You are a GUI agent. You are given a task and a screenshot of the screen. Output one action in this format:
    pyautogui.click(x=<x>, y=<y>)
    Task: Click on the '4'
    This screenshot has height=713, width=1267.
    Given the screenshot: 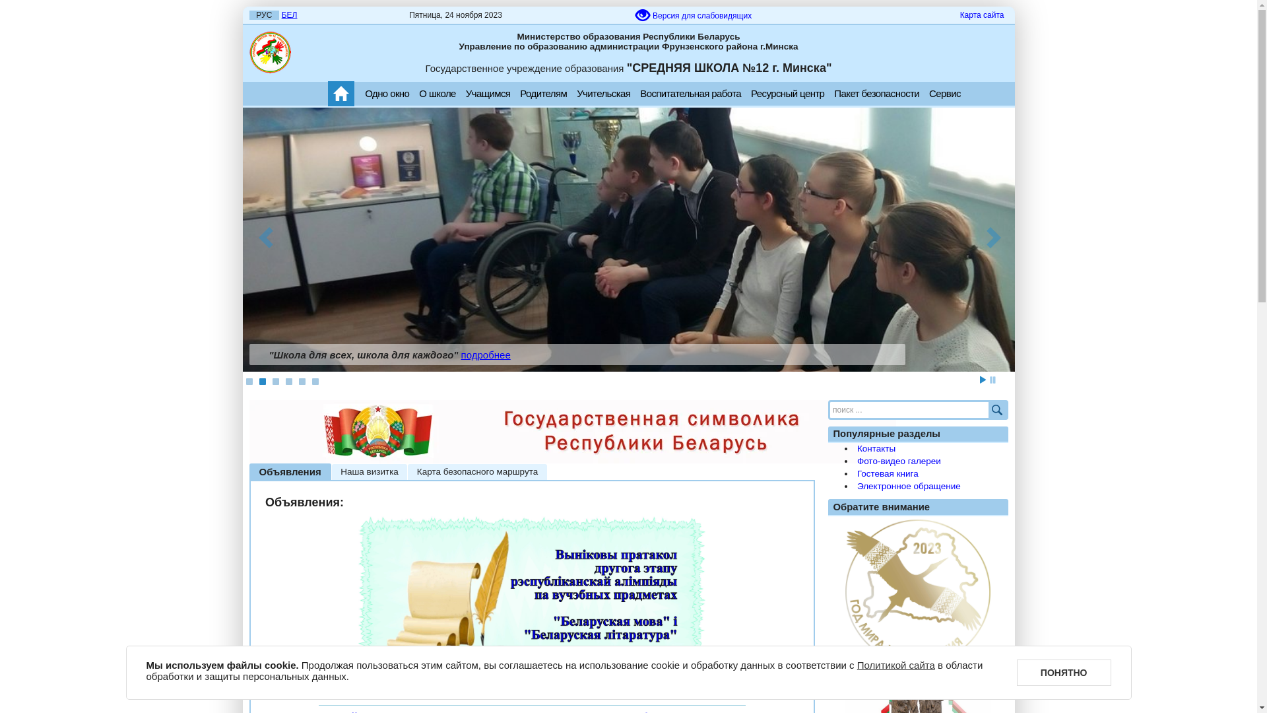 What is the action you would take?
    pyautogui.click(x=287, y=382)
    